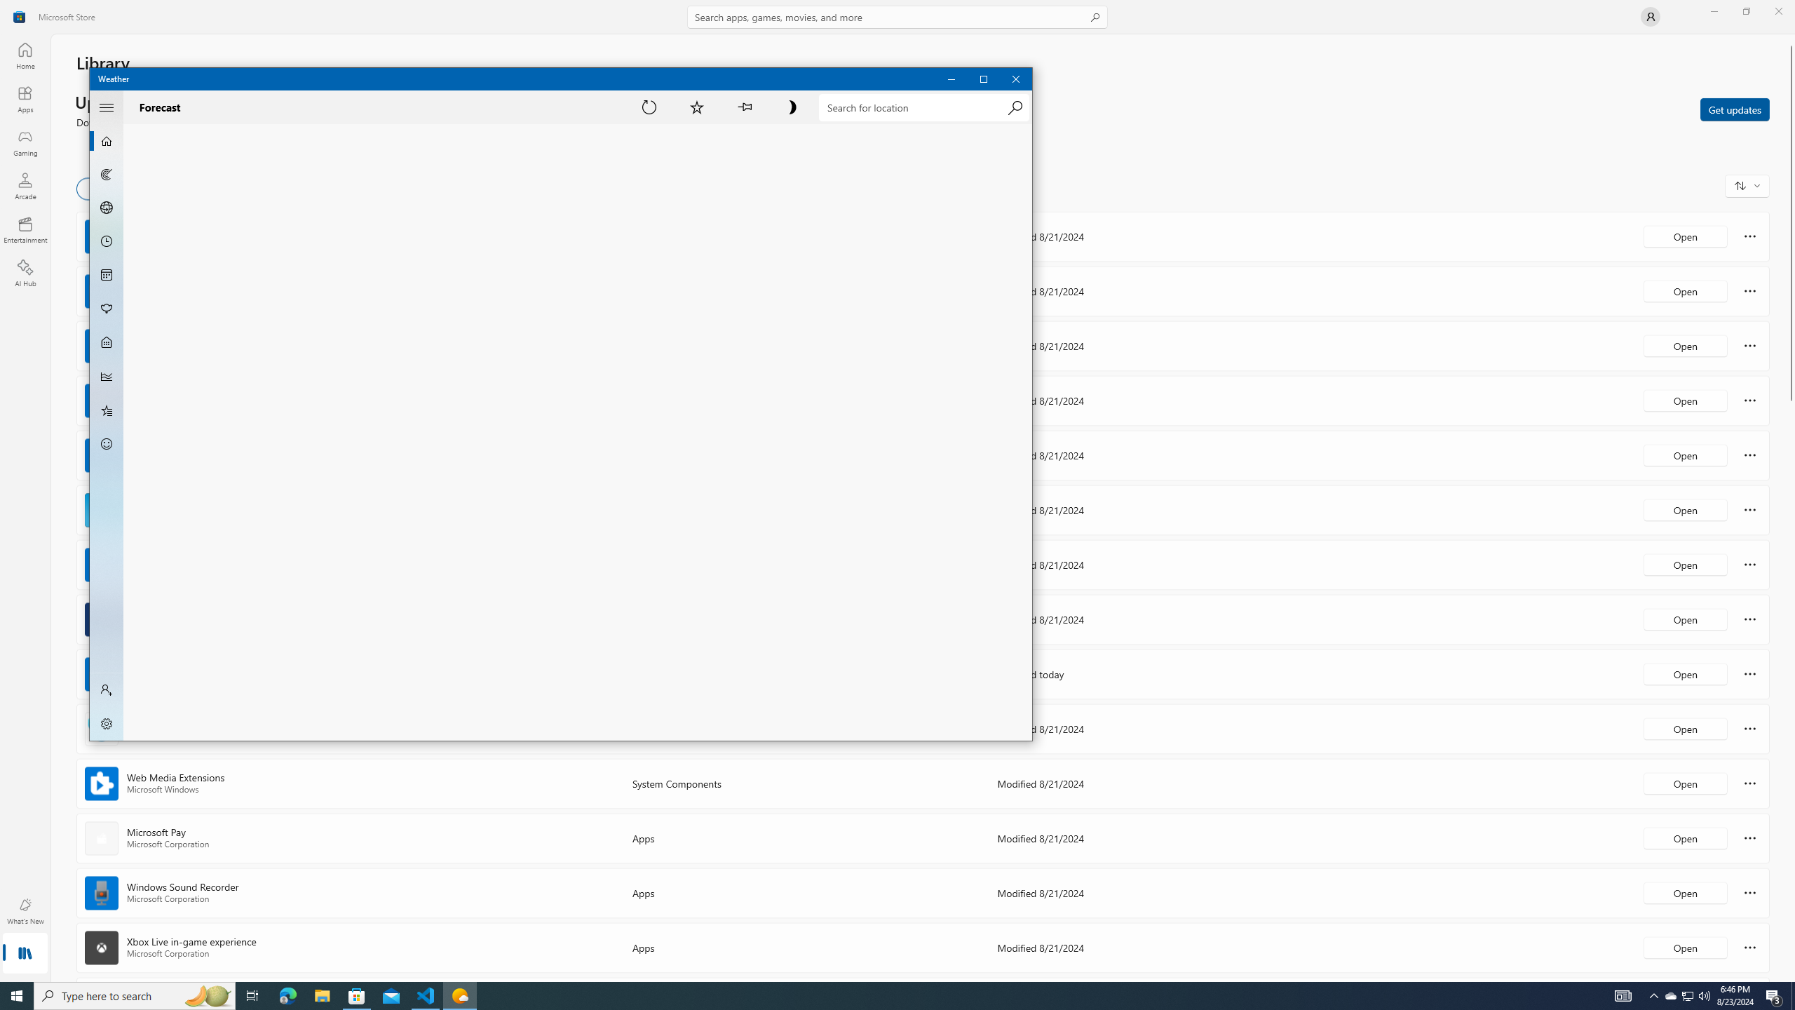  I want to click on 'Notification Chevron', so click(1654, 995).